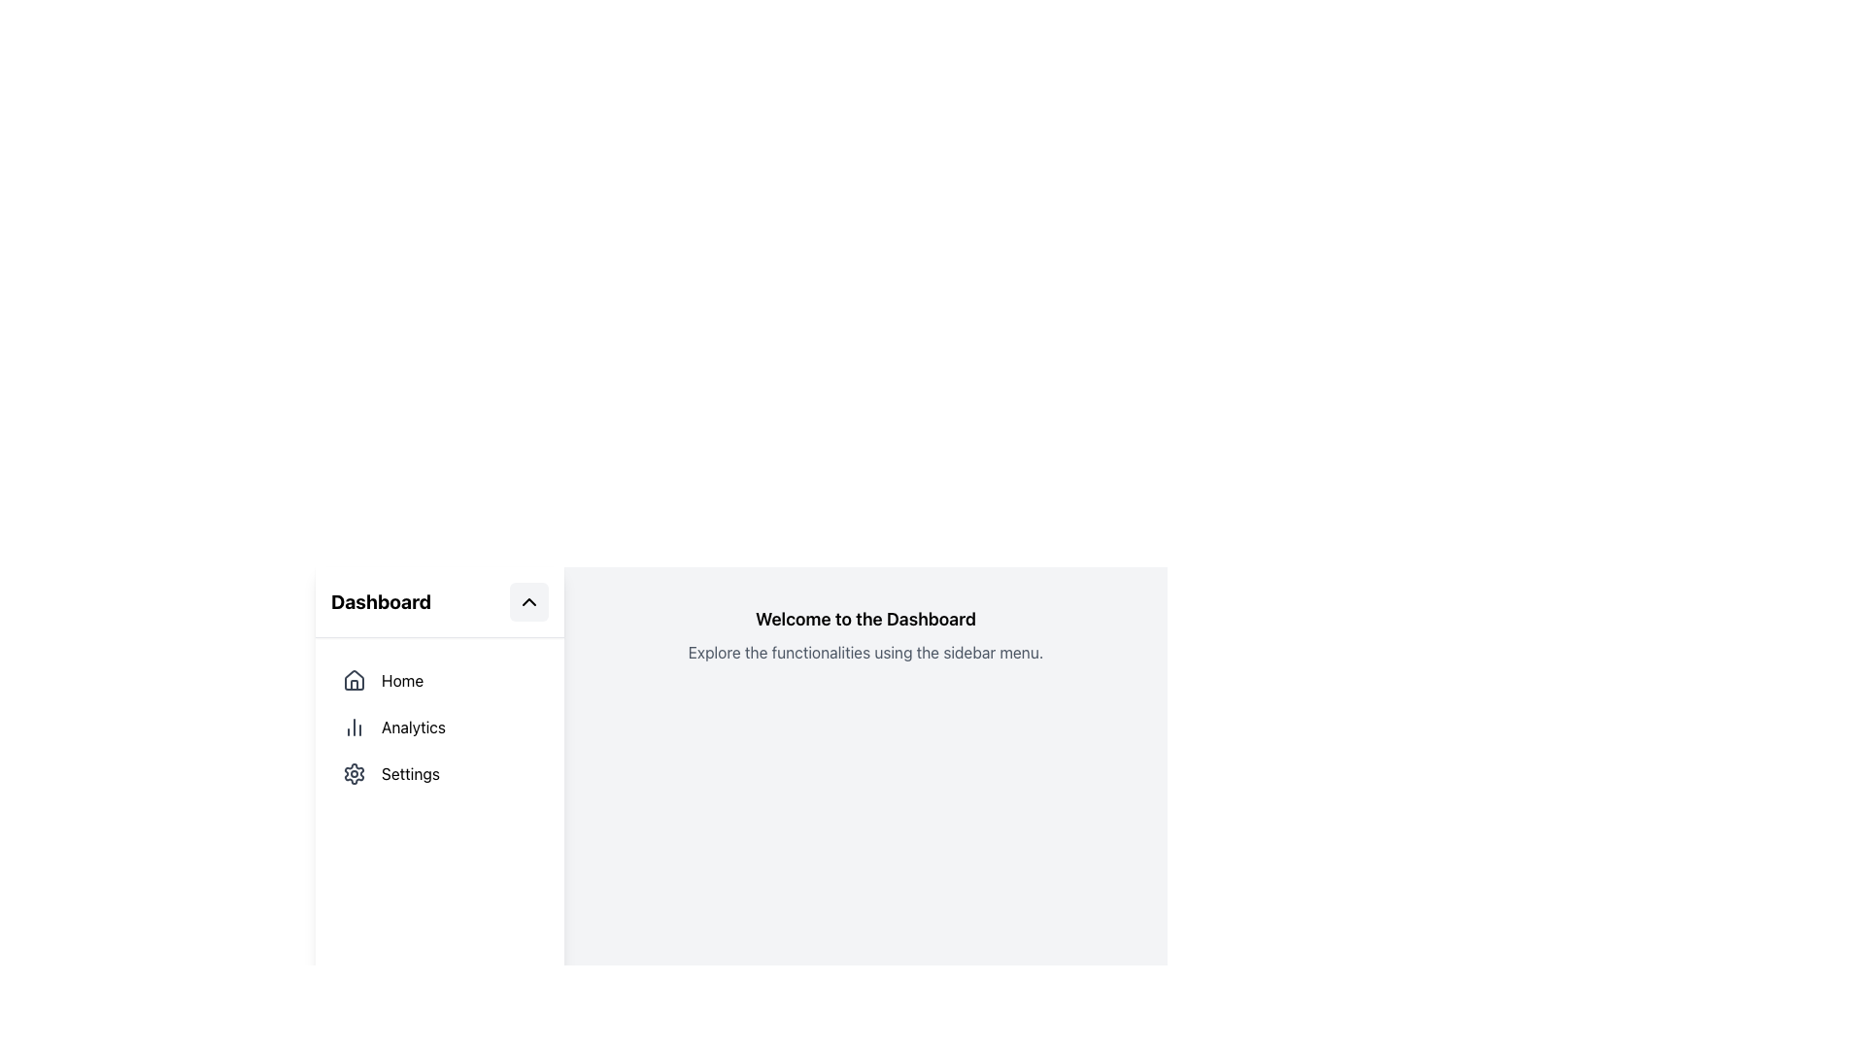  I want to click on the 'Settings' icon in the sidebar navigation interface, located at the start of the horizontal list item labeled 'Settings', so click(354, 773).